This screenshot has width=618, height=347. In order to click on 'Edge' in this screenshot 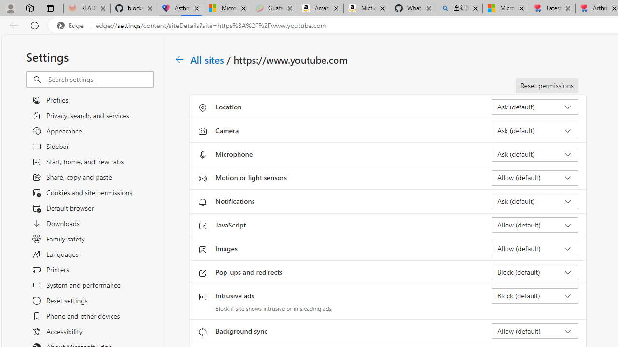, I will do `click(72, 25)`.